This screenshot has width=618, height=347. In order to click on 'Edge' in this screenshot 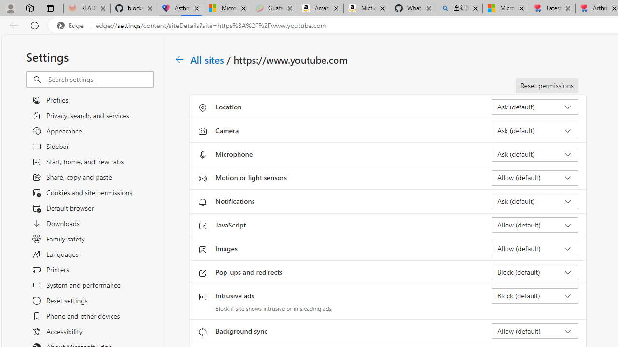, I will do `click(72, 25)`.